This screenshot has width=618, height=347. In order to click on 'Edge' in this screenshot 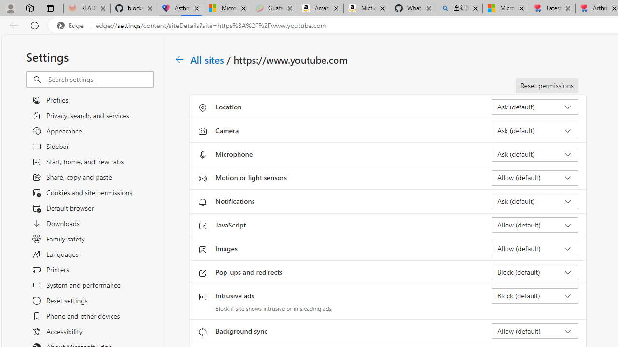, I will do `click(72, 25)`.